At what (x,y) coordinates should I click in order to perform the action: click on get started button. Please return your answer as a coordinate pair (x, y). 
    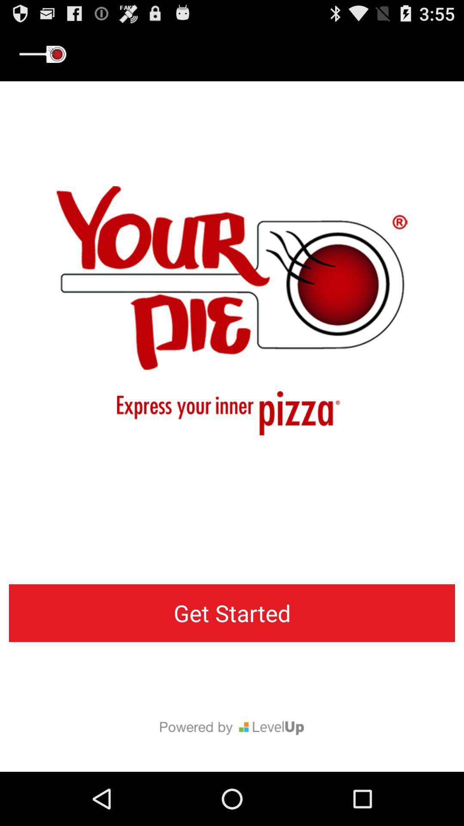
    Looking at the image, I should click on (232, 613).